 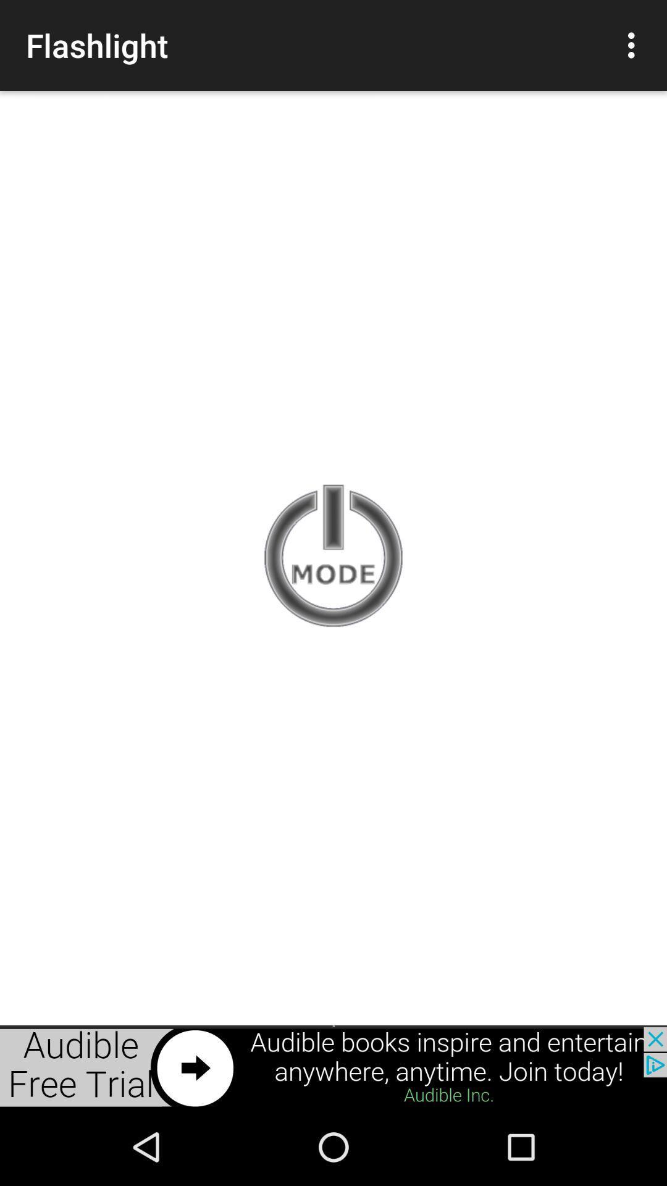 I want to click on turn on, so click(x=333, y=557).